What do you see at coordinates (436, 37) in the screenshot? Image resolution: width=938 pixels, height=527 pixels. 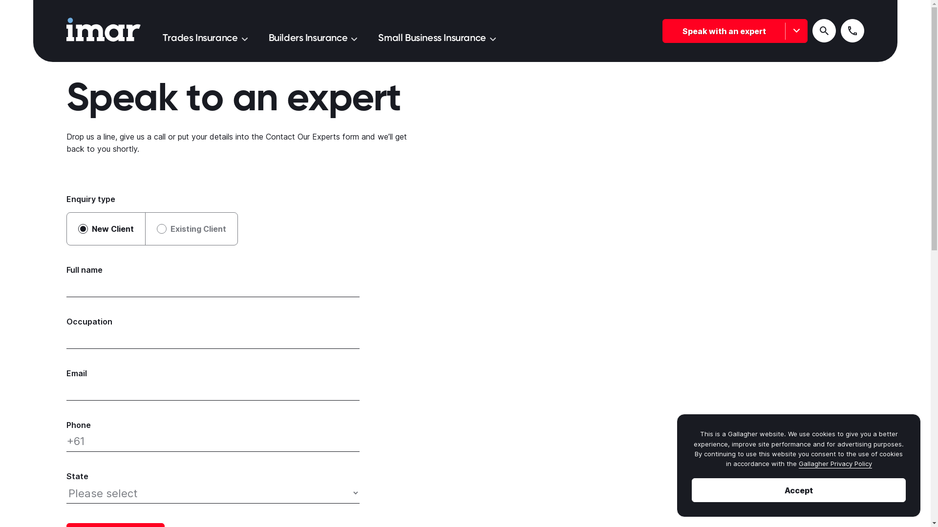 I see `'Small Business Insurance'` at bounding box center [436, 37].